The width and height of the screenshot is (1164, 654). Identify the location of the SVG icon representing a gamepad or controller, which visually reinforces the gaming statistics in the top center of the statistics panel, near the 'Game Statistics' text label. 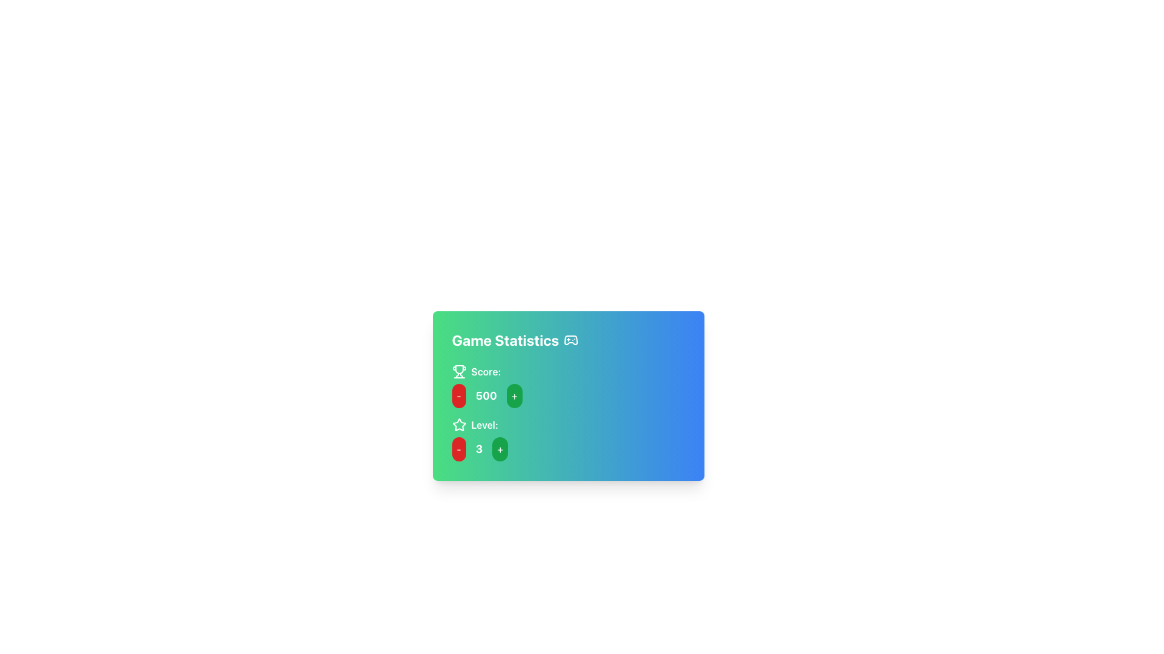
(570, 340).